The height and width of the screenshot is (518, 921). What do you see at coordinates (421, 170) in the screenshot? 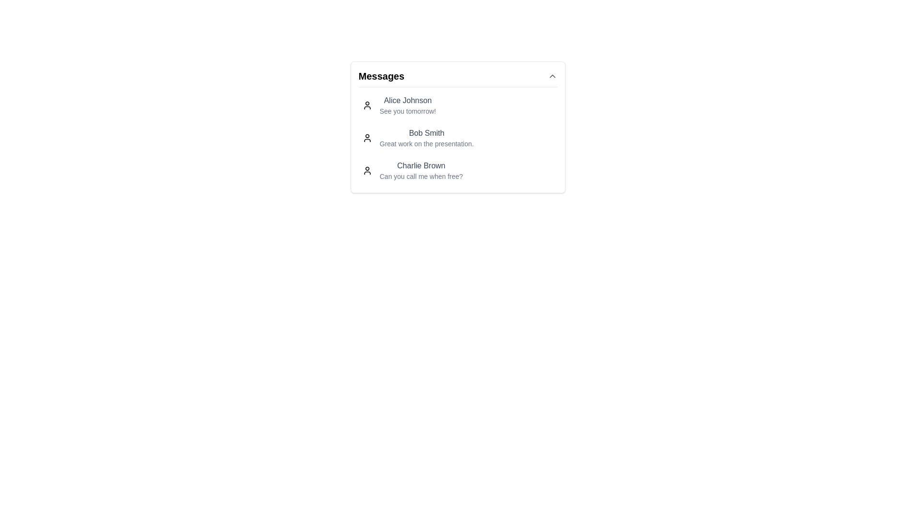
I see `the third item in the list that displays the sender's name 'Charlie Brown' and message 'Can you call me when free?'` at bounding box center [421, 170].